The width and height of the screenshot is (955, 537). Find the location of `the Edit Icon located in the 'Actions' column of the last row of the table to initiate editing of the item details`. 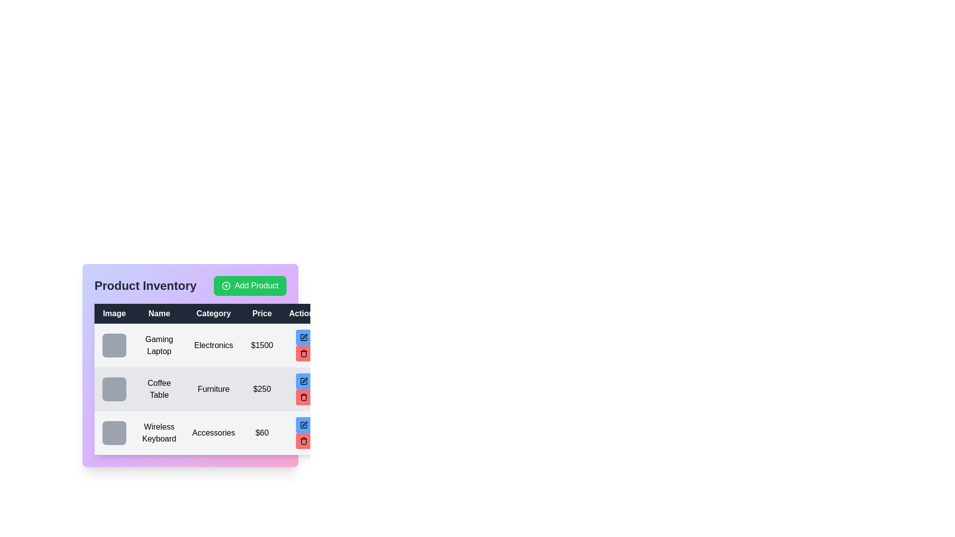

the Edit Icon located in the 'Actions' column of the last row of the table to initiate editing of the item details is located at coordinates (304, 424).